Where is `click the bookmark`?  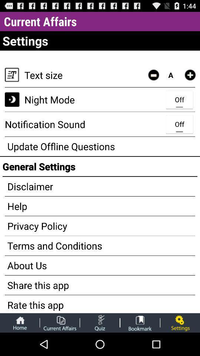 click the bookmark is located at coordinates (140, 322).